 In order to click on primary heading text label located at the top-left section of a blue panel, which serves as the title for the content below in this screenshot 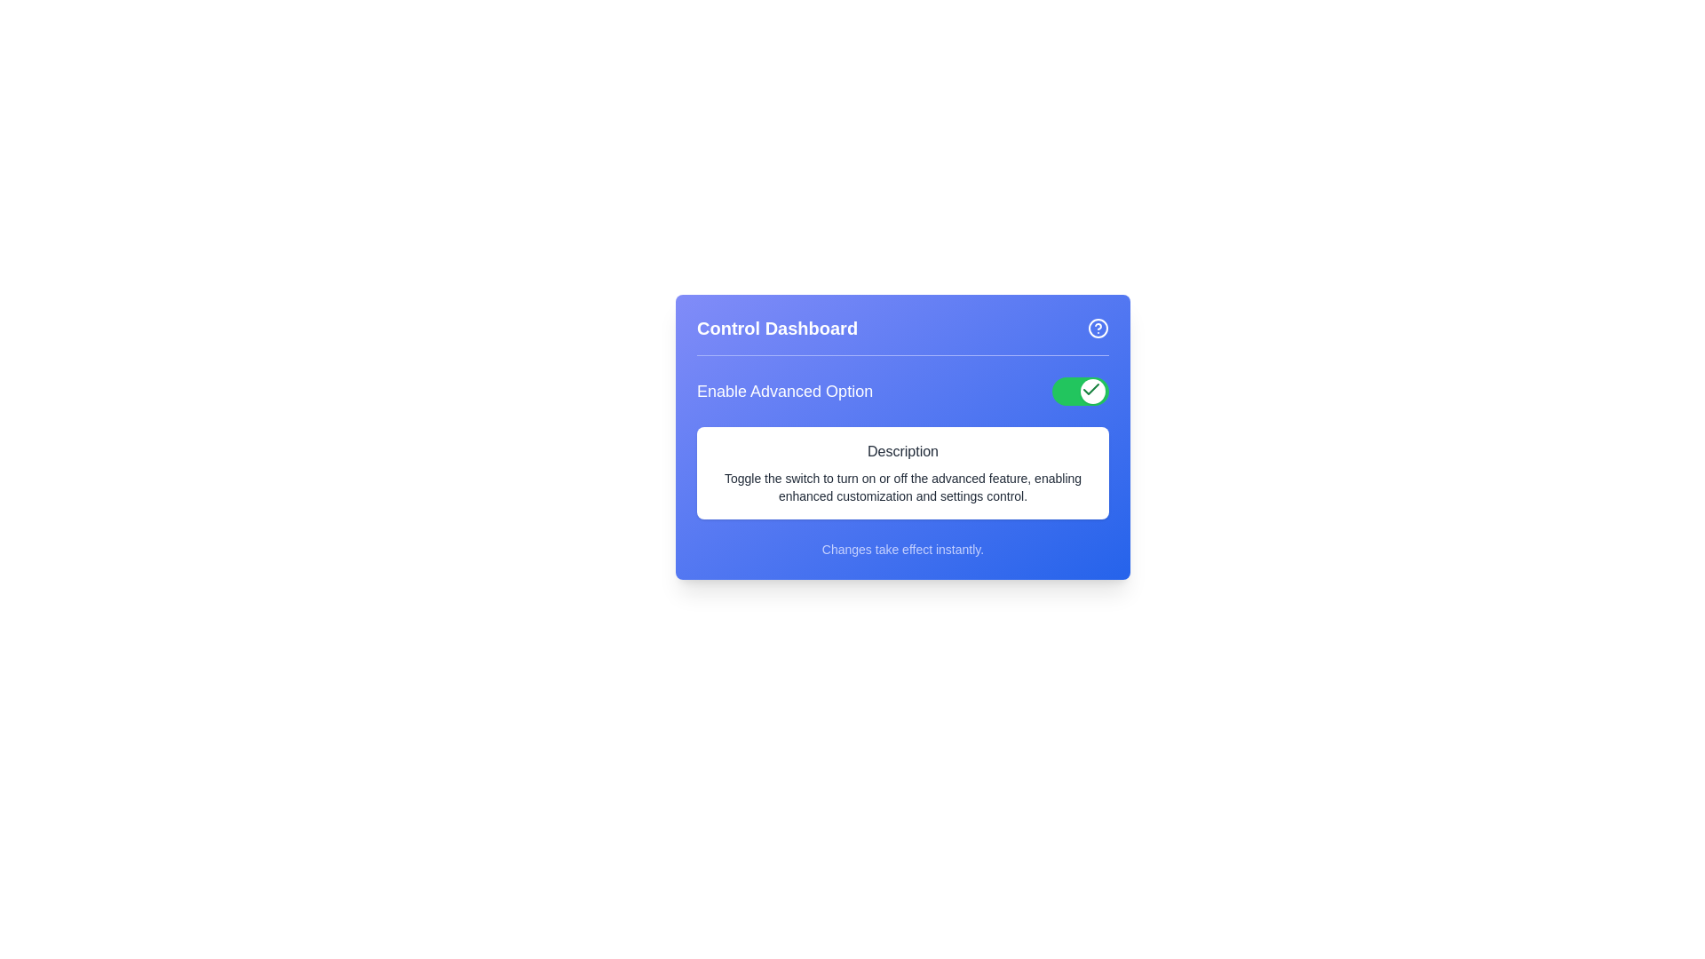, I will do `click(777, 329)`.